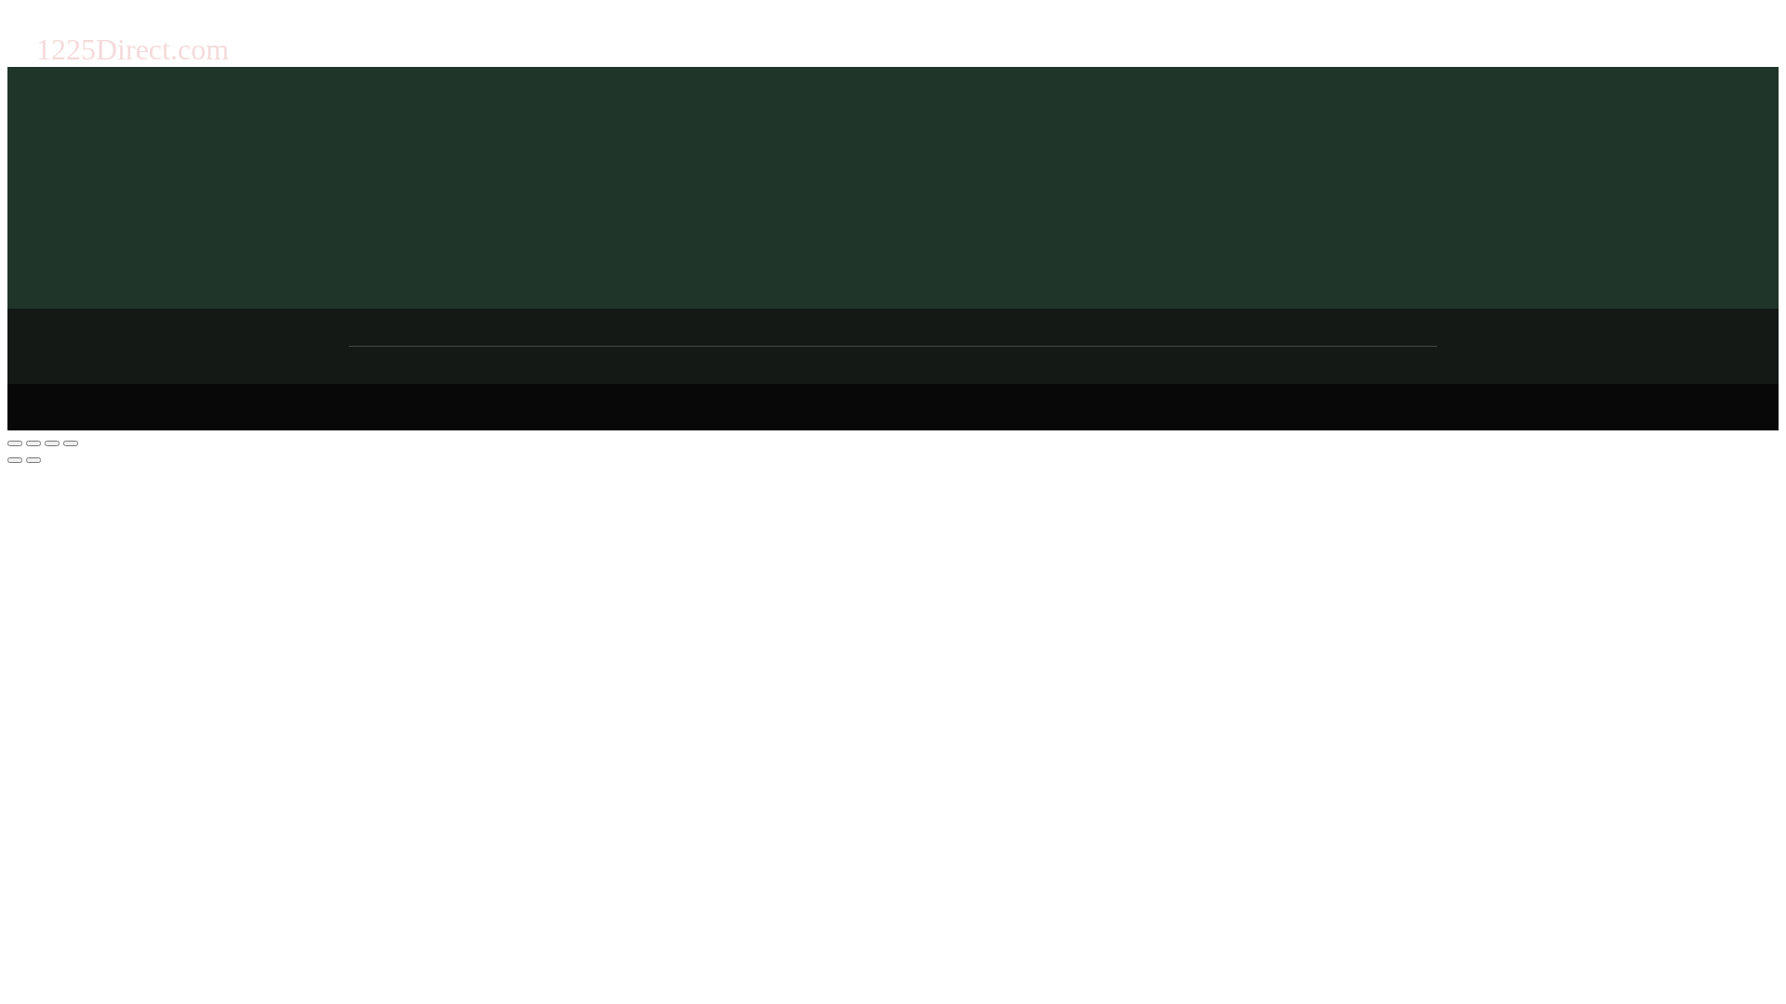 The width and height of the screenshot is (1786, 1004). Describe the element at coordinates (52, 443) in the screenshot. I see `'Toggle fullscreen'` at that location.